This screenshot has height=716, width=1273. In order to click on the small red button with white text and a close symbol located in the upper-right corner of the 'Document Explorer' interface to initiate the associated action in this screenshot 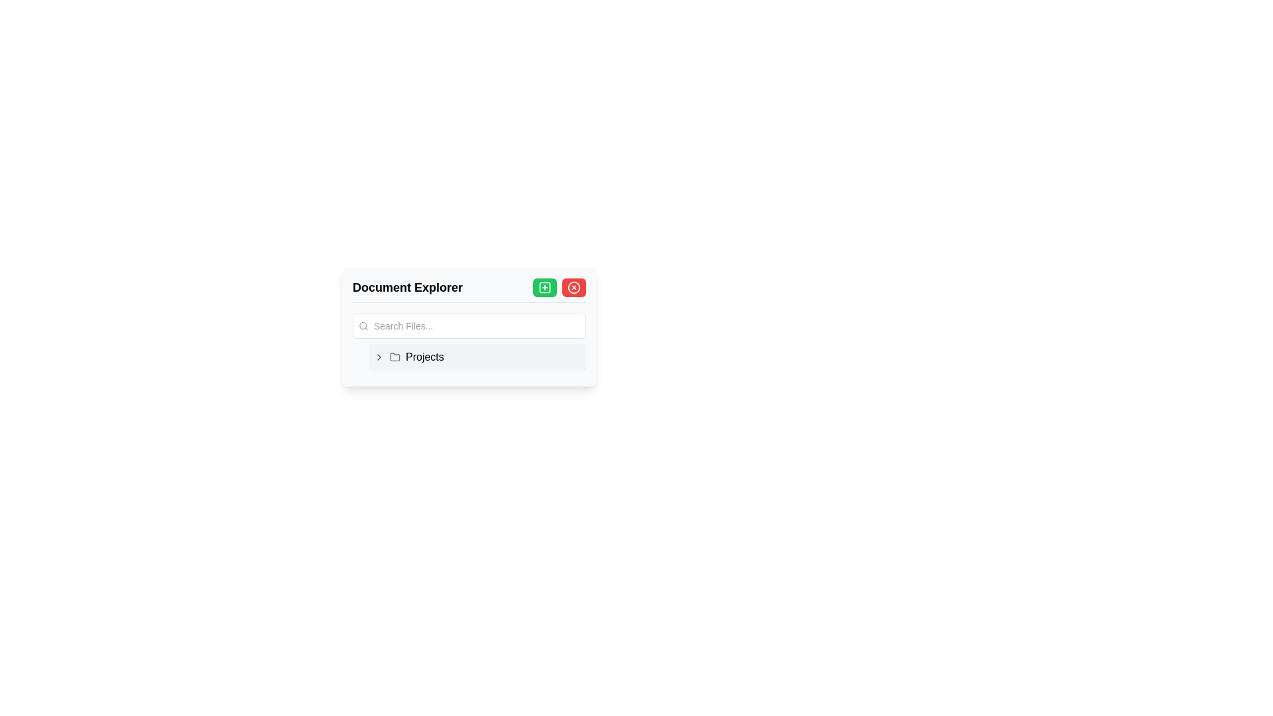, I will do `click(574, 287)`.